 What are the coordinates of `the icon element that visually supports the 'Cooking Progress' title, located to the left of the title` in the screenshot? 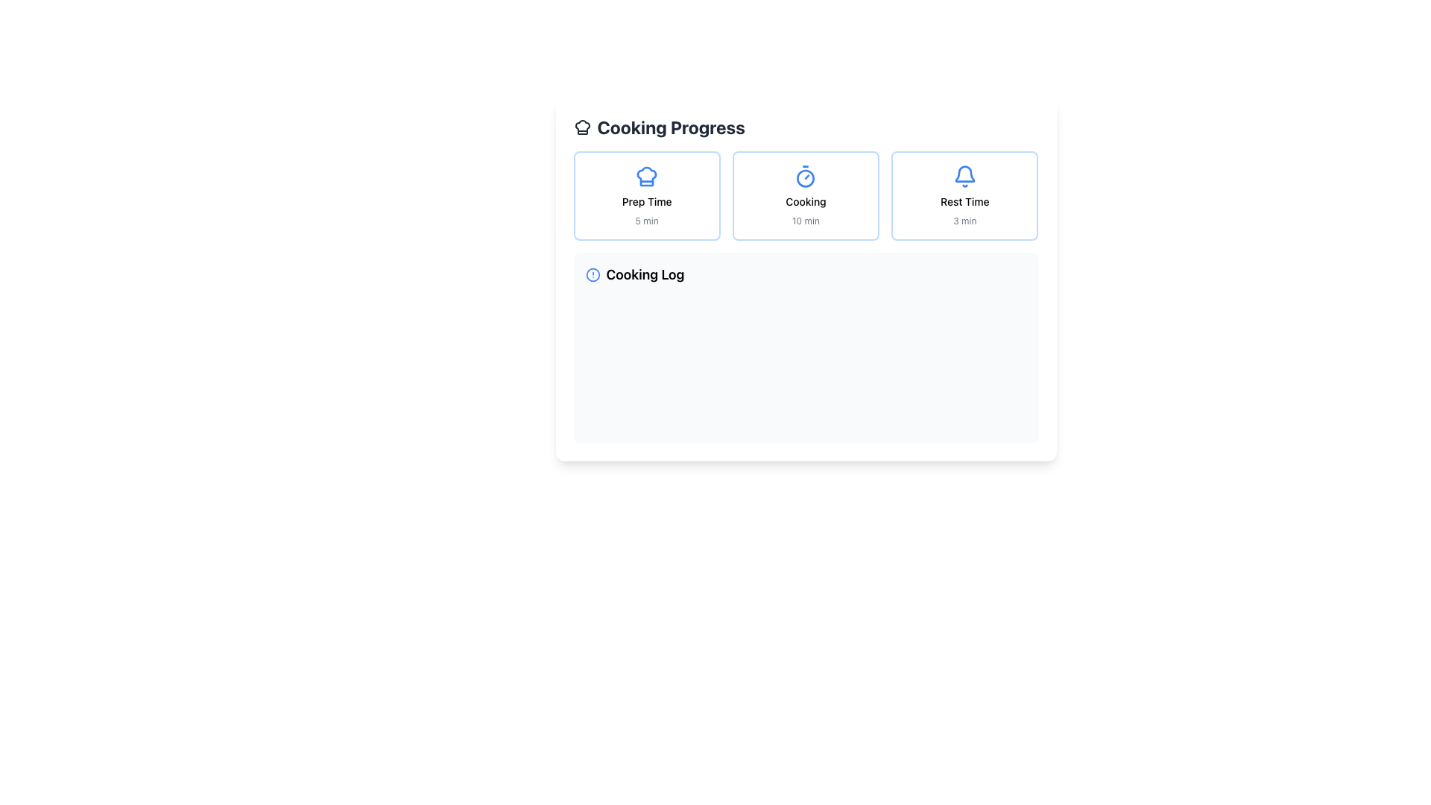 It's located at (647, 175).